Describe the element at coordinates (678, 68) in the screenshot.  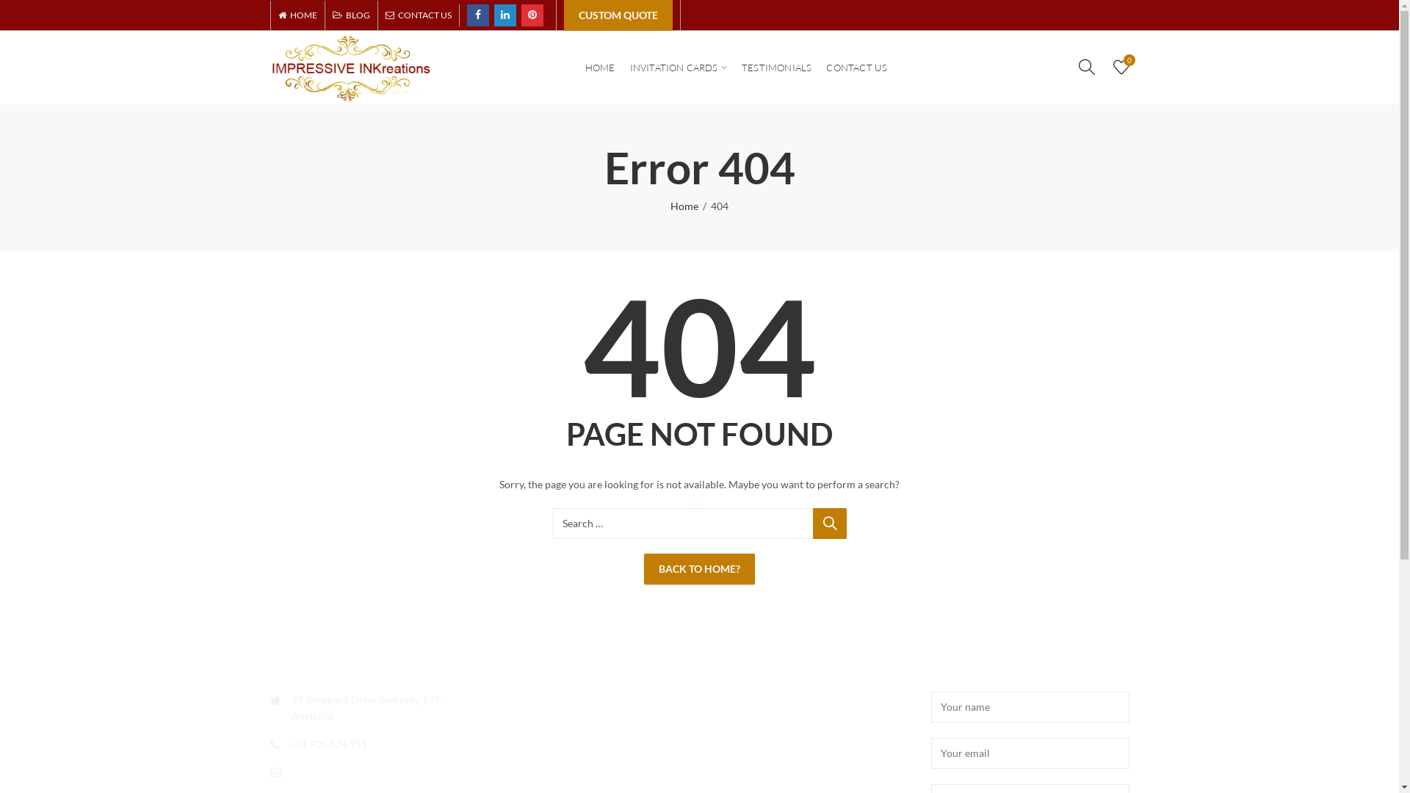
I see `'INVITATION CARDS'` at that location.